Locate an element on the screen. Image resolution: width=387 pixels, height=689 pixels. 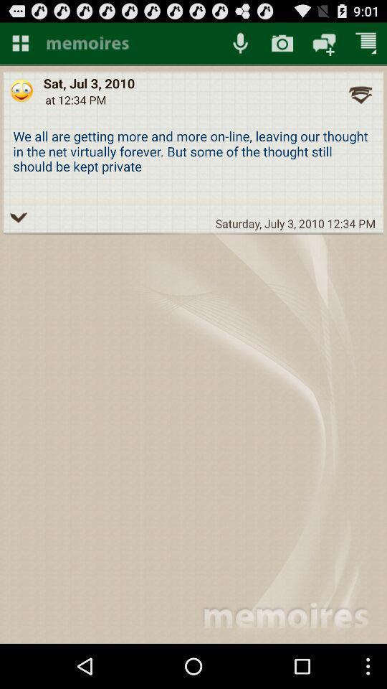
the cart icon is located at coordinates (366, 46).